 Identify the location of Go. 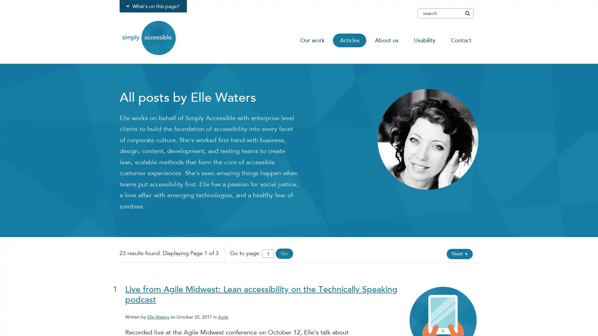
(284, 253).